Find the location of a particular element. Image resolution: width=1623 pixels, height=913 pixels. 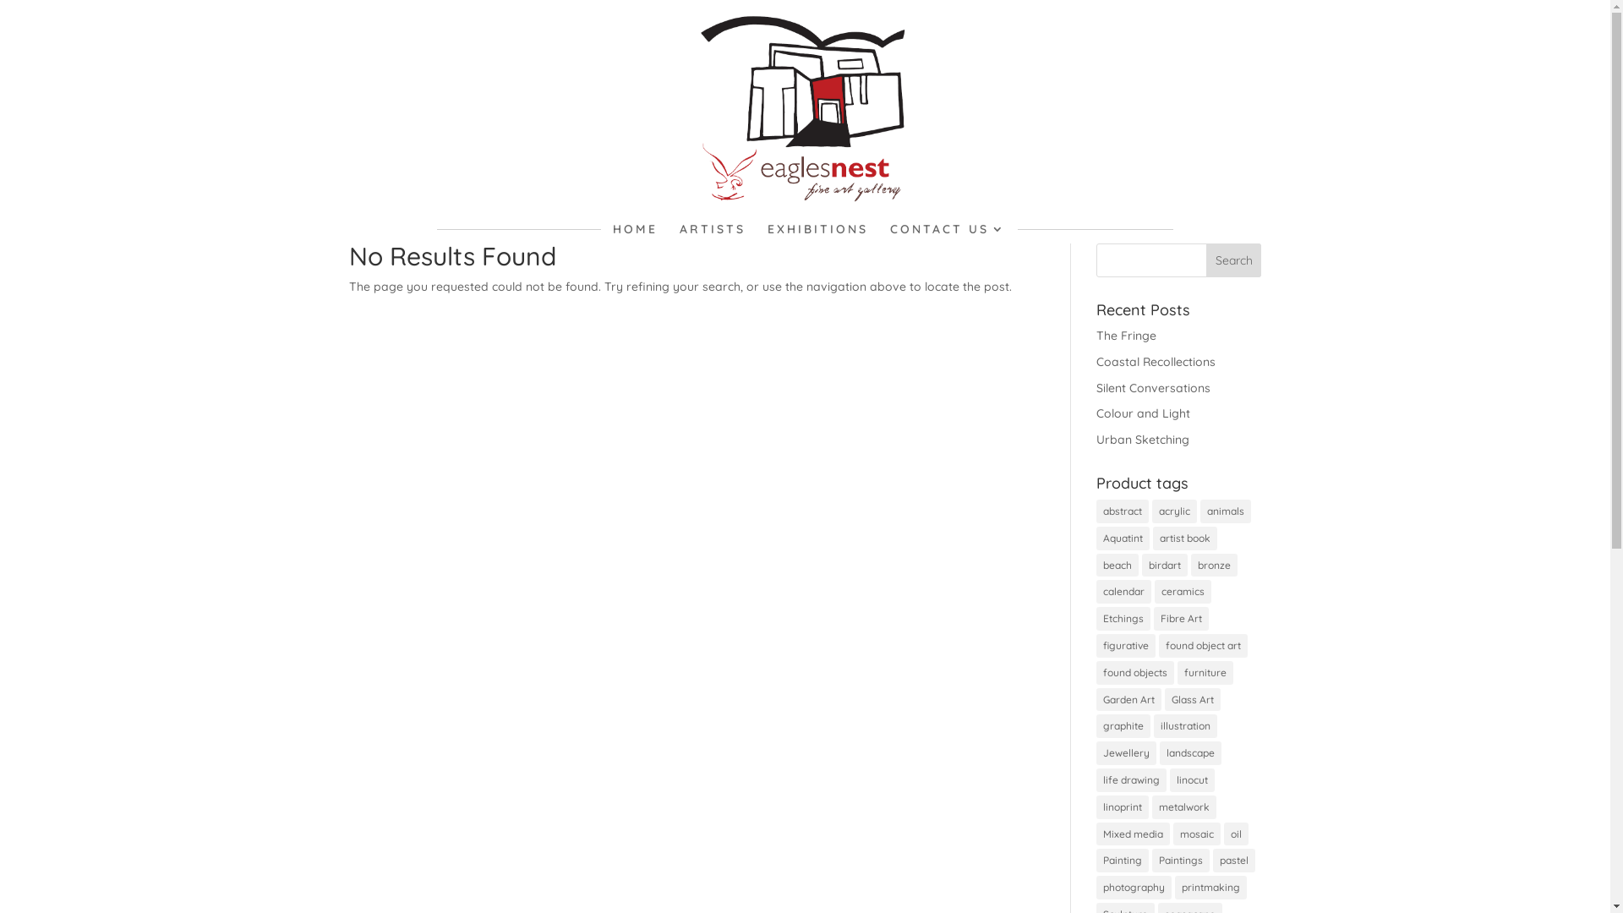

'landscape' is located at coordinates (1159, 752).